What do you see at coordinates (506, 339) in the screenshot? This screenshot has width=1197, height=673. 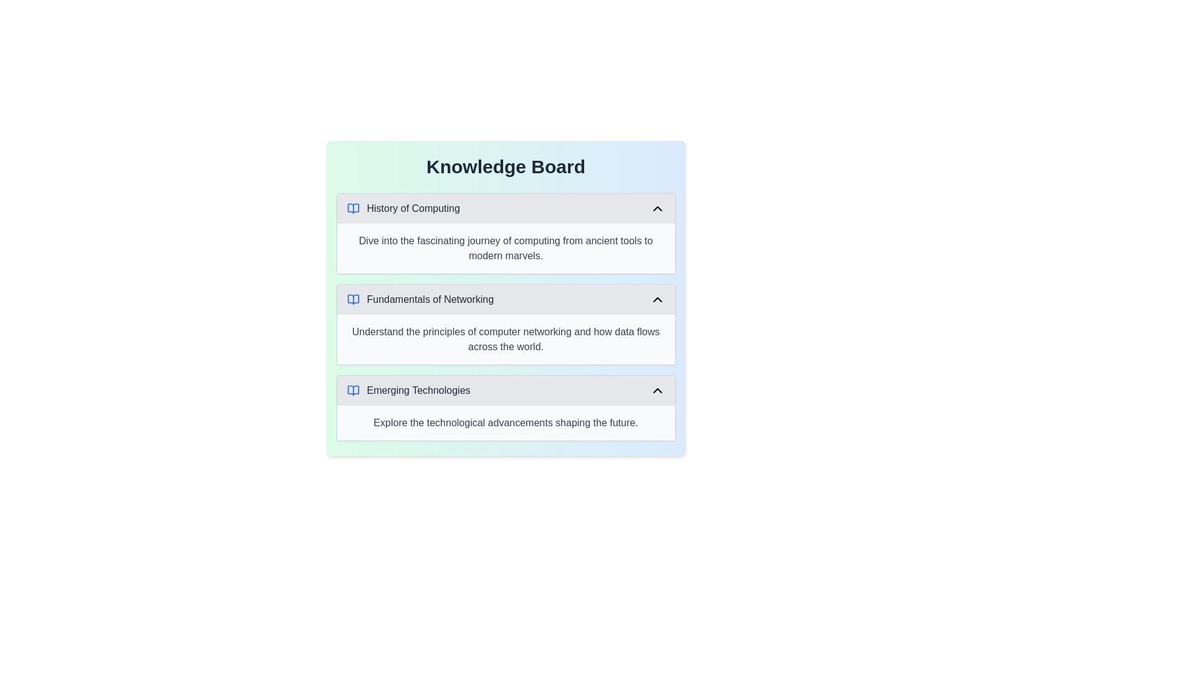 I see `the Static Text element that contains a paragraph about computer networking, styled with a light gray background and medium gray text, located under the title 'Fundamentals of Networking' on the 'Knowledge Board'` at bounding box center [506, 339].